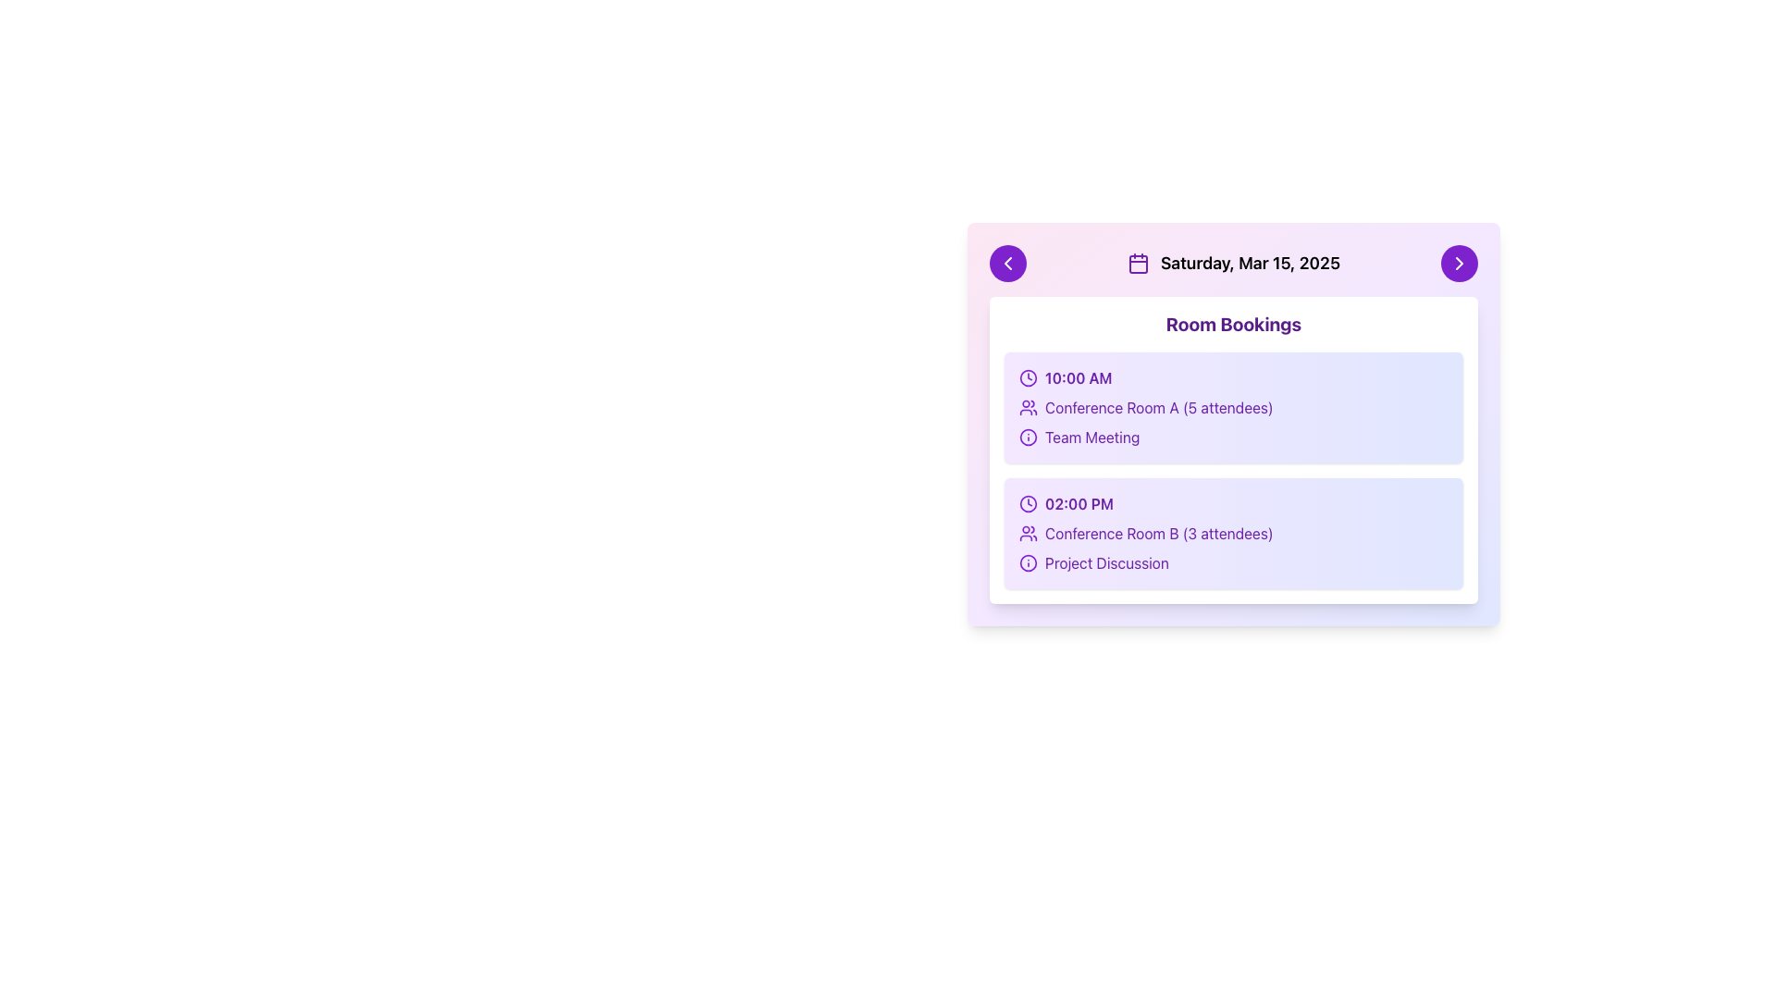 The image size is (1776, 999). I want to click on content displayed in the text label that shows the booking name and attendee count for the 2:00 PM time slot, located to the right of the purple user icon, so click(1158, 534).